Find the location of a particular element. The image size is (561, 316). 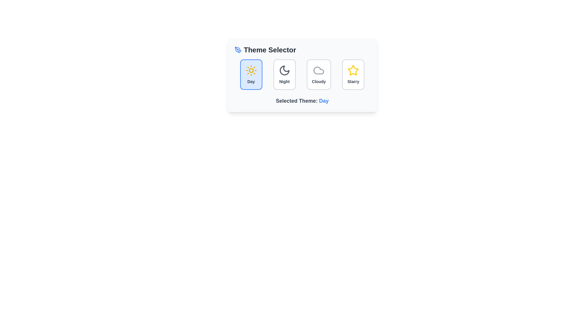

the yellow sun icon located at the top of the 'Day' button in the theme selection interface is located at coordinates (251, 70).